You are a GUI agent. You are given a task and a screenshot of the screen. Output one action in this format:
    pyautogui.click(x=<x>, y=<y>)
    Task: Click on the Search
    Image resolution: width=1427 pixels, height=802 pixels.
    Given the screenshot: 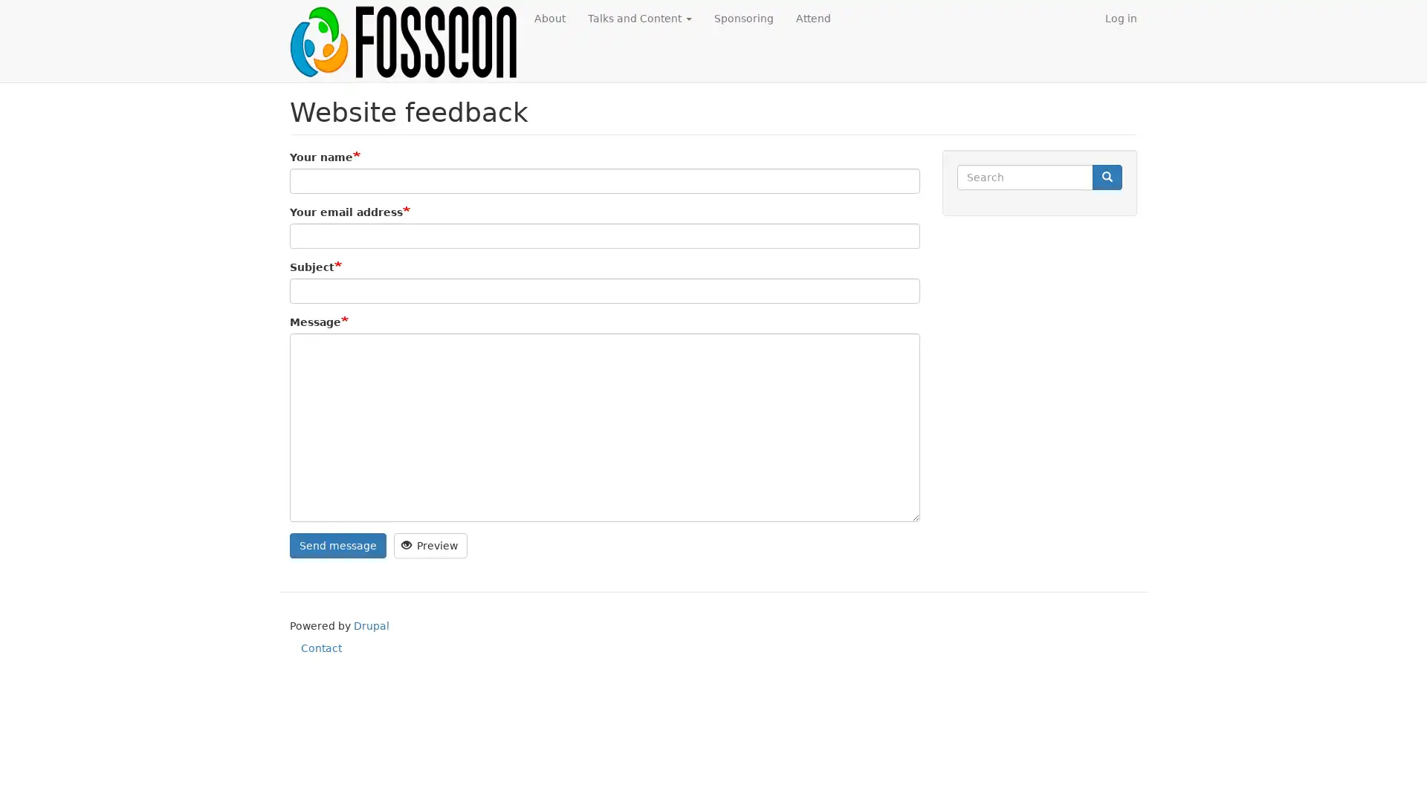 What is the action you would take?
    pyautogui.click(x=1107, y=176)
    